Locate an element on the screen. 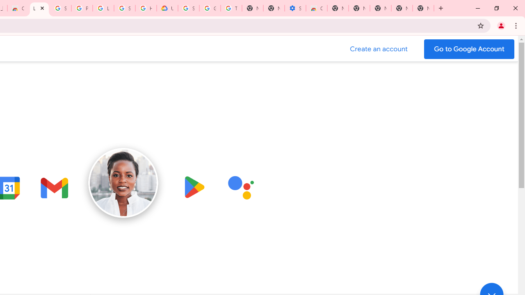  'Google Account Help' is located at coordinates (210, 8).